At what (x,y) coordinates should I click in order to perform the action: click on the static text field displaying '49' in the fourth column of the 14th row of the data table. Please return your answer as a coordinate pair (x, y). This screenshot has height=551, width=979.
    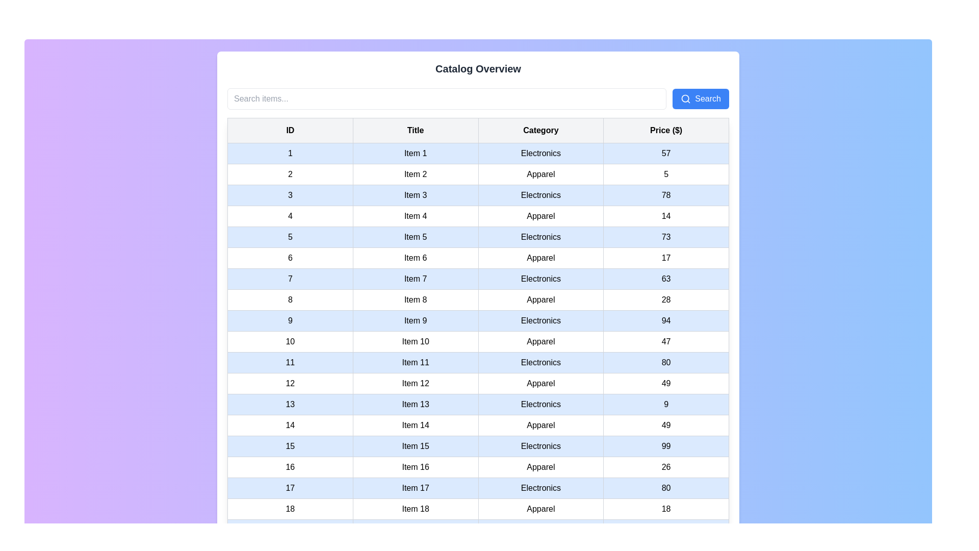
    Looking at the image, I should click on (666, 425).